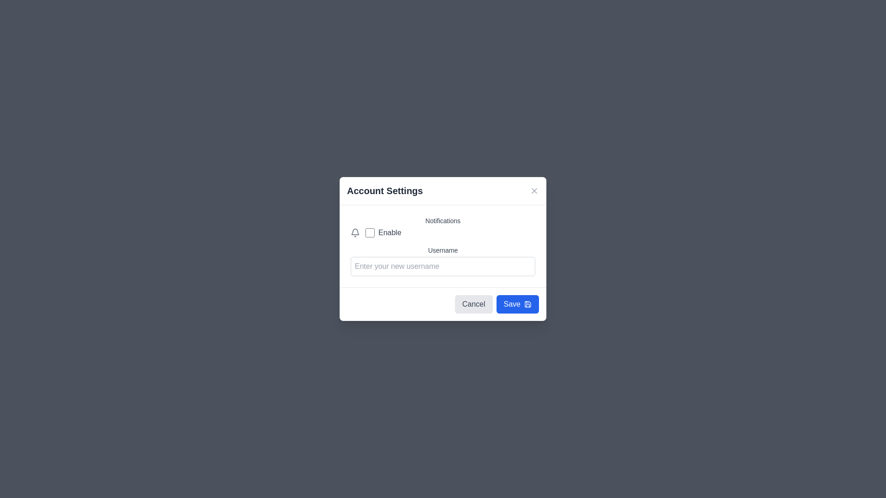 The image size is (886, 498). What do you see at coordinates (517, 304) in the screenshot?
I see `the 'Save' button with a blue background and white text, located in the lower right corner of the 'Account Settings' pop-up dialogue box` at bounding box center [517, 304].